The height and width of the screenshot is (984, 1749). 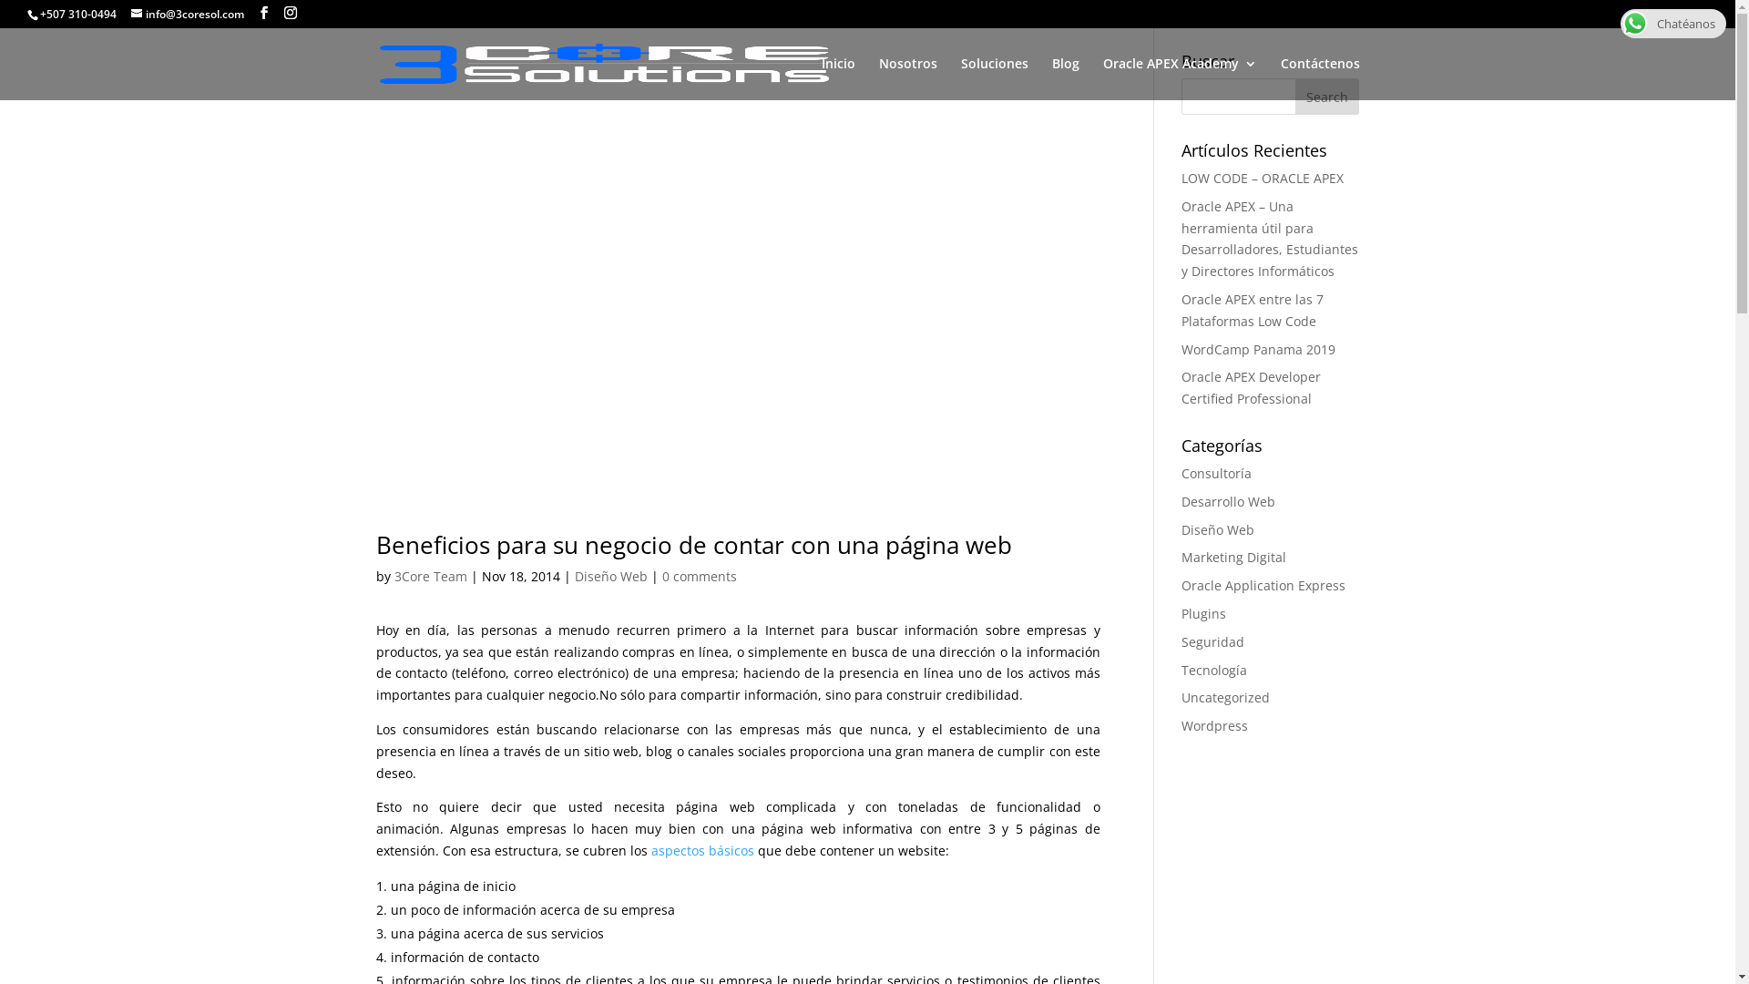 What do you see at coordinates (1250, 386) in the screenshot?
I see `'Oracle APEX Developer Certified Professional'` at bounding box center [1250, 386].